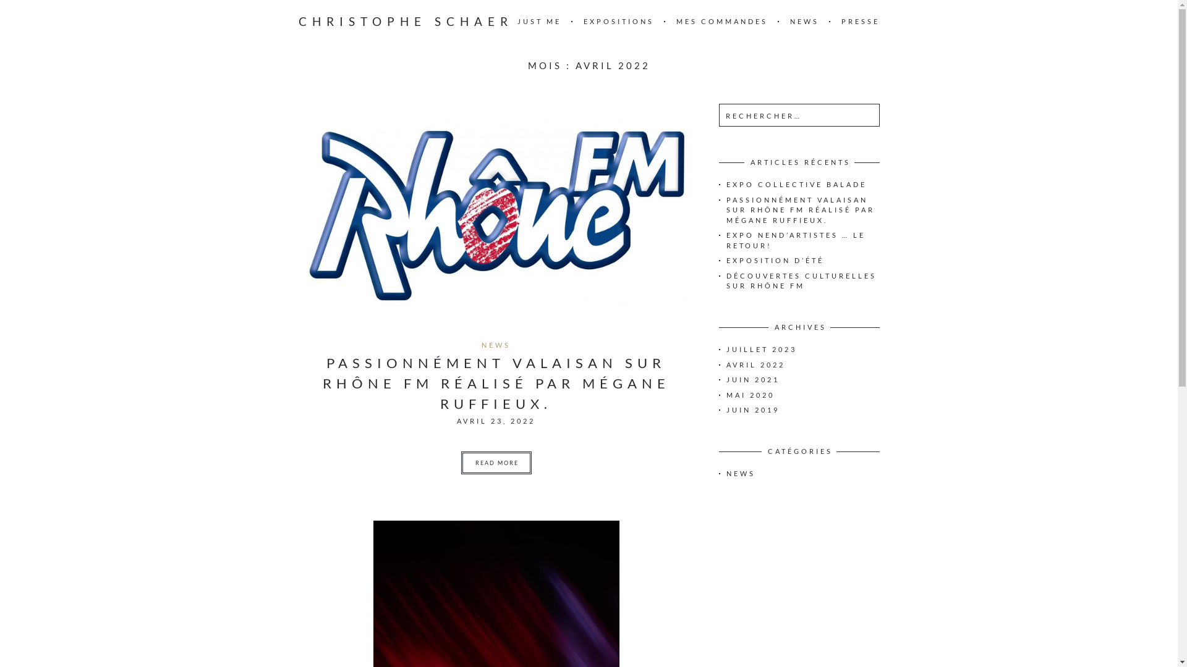  What do you see at coordinates (726, 364) in the screenshot?
I see `'AVRIL 2022'` at bounding box center [726, 364].